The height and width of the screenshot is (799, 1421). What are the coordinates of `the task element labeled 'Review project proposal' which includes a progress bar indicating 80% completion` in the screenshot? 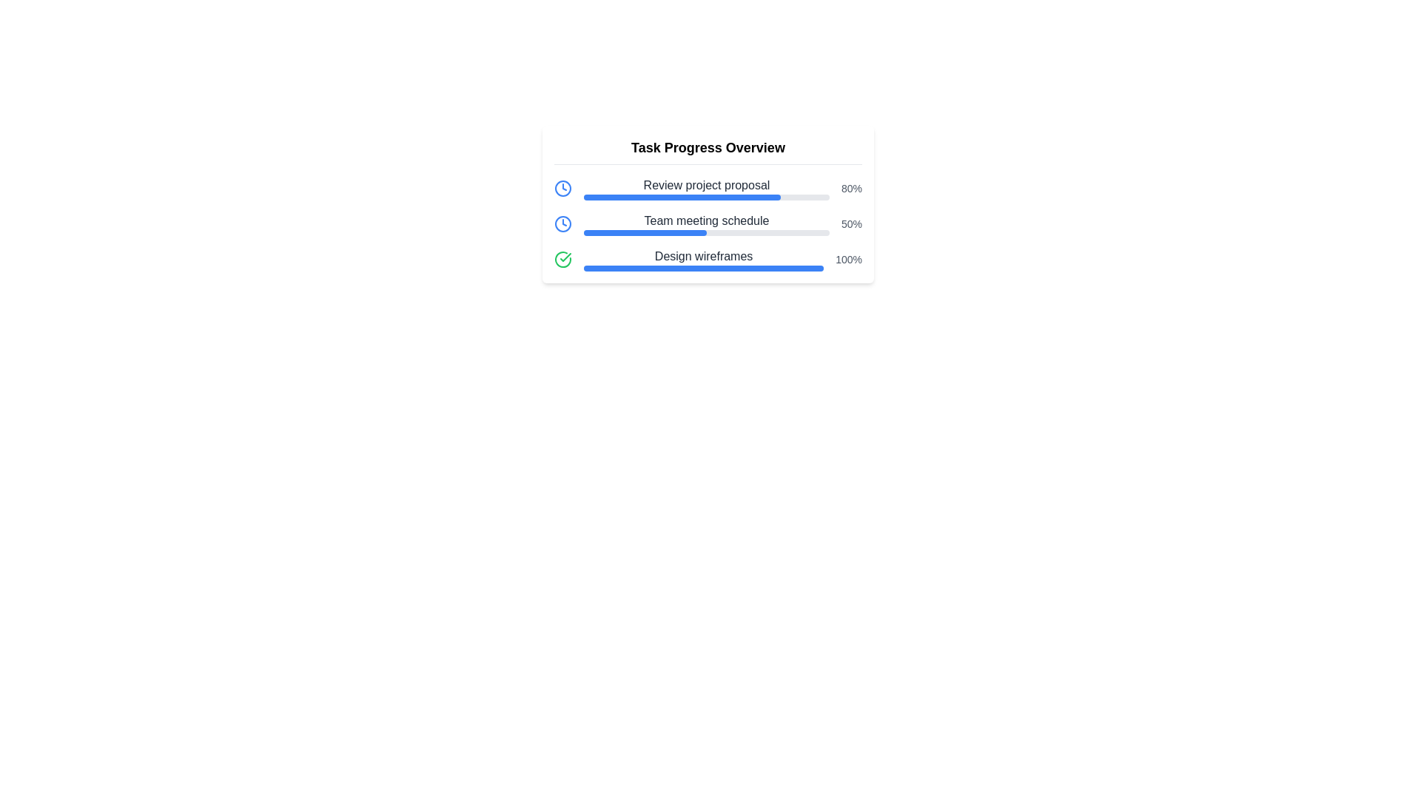 It's located at (706, 187).